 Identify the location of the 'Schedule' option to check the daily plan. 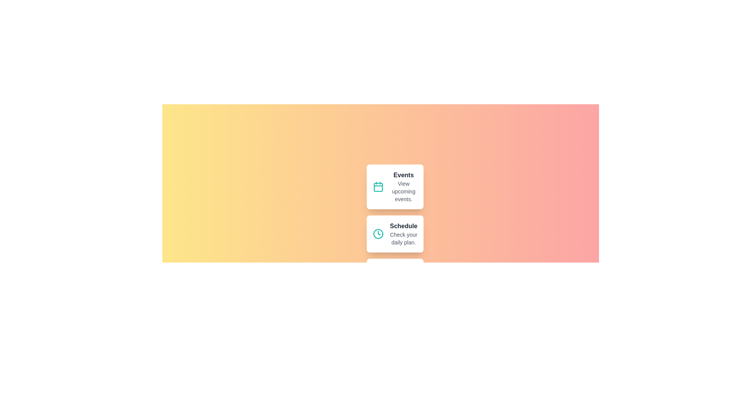
(395, 233).